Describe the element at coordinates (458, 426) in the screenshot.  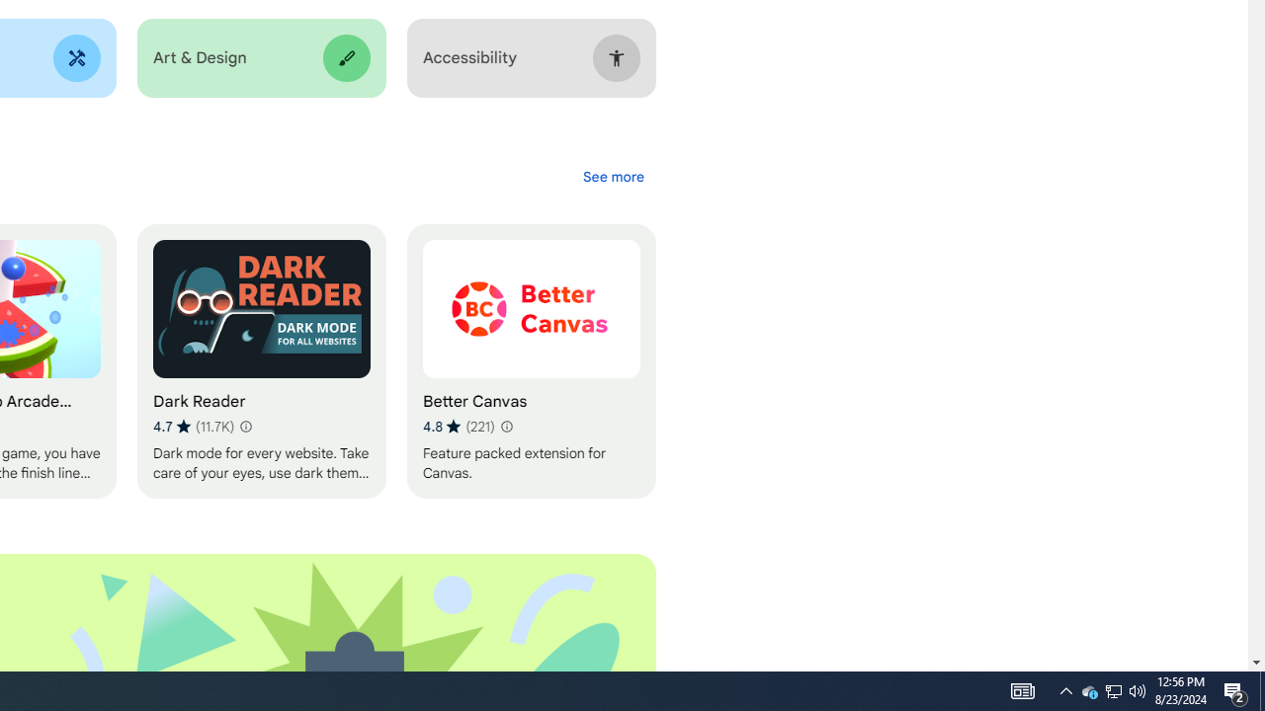
I see `'Average rating 4.8 out of 5 stars. 221 ratings.'` at that location.